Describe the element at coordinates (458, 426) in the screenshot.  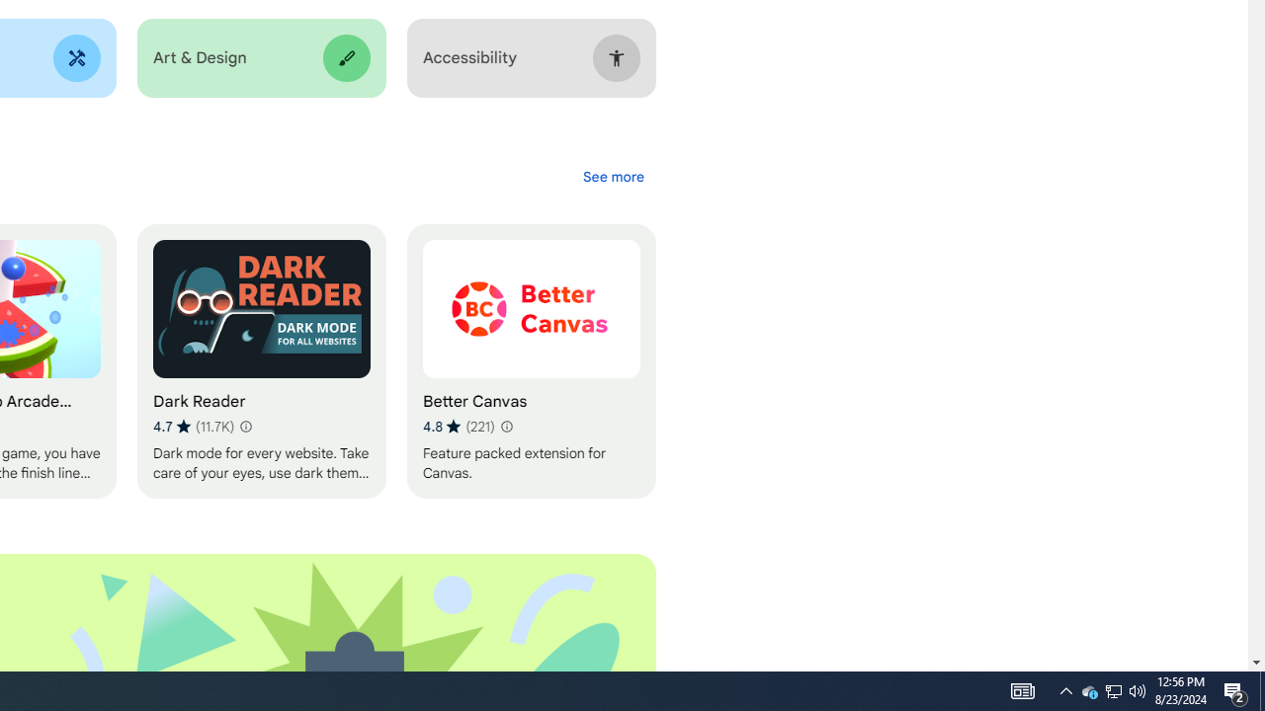
I see `'Average rating 4.8 out of 5 stars. 221 ratings.'` at that location.